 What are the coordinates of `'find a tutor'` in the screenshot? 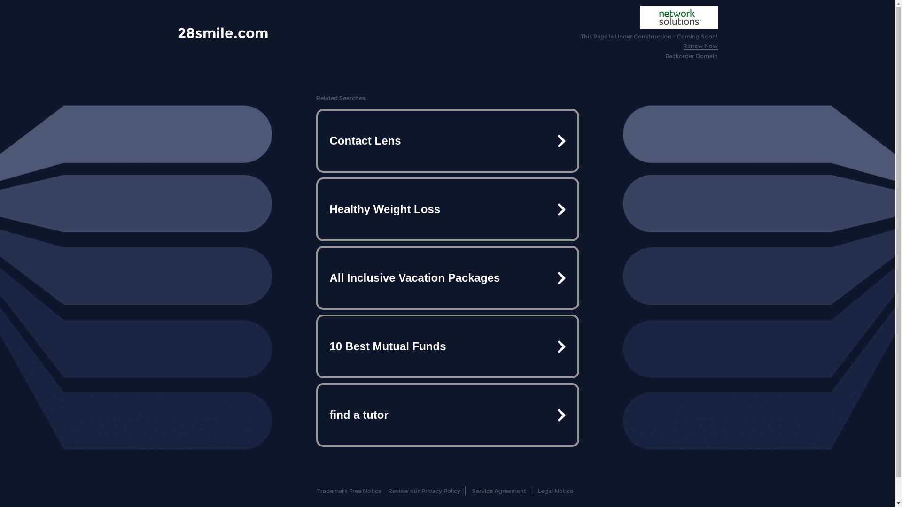 It's located at (446, 414).